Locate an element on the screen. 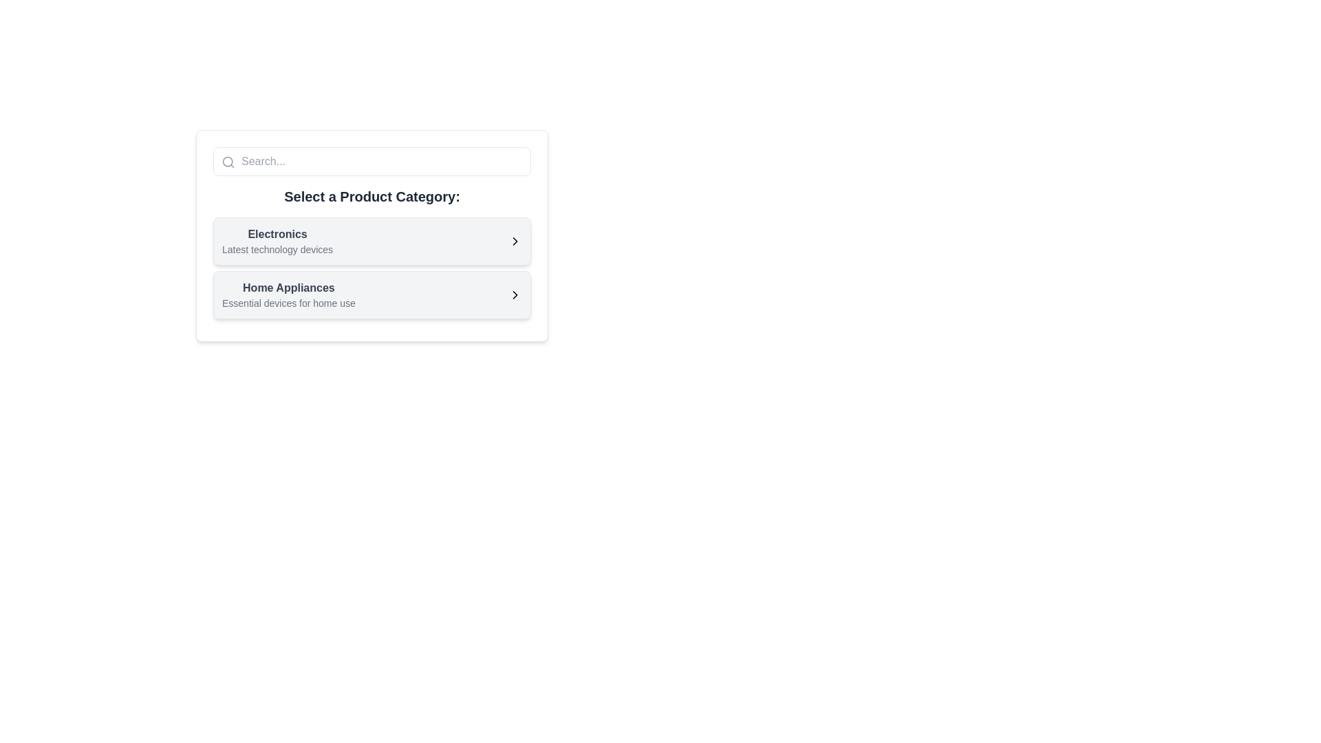 This screenshot has height=743, width=1321. the right-facing black Chevron Icon located on the far right side of the 'Electronics' item block is located at coordinates (514, 241).